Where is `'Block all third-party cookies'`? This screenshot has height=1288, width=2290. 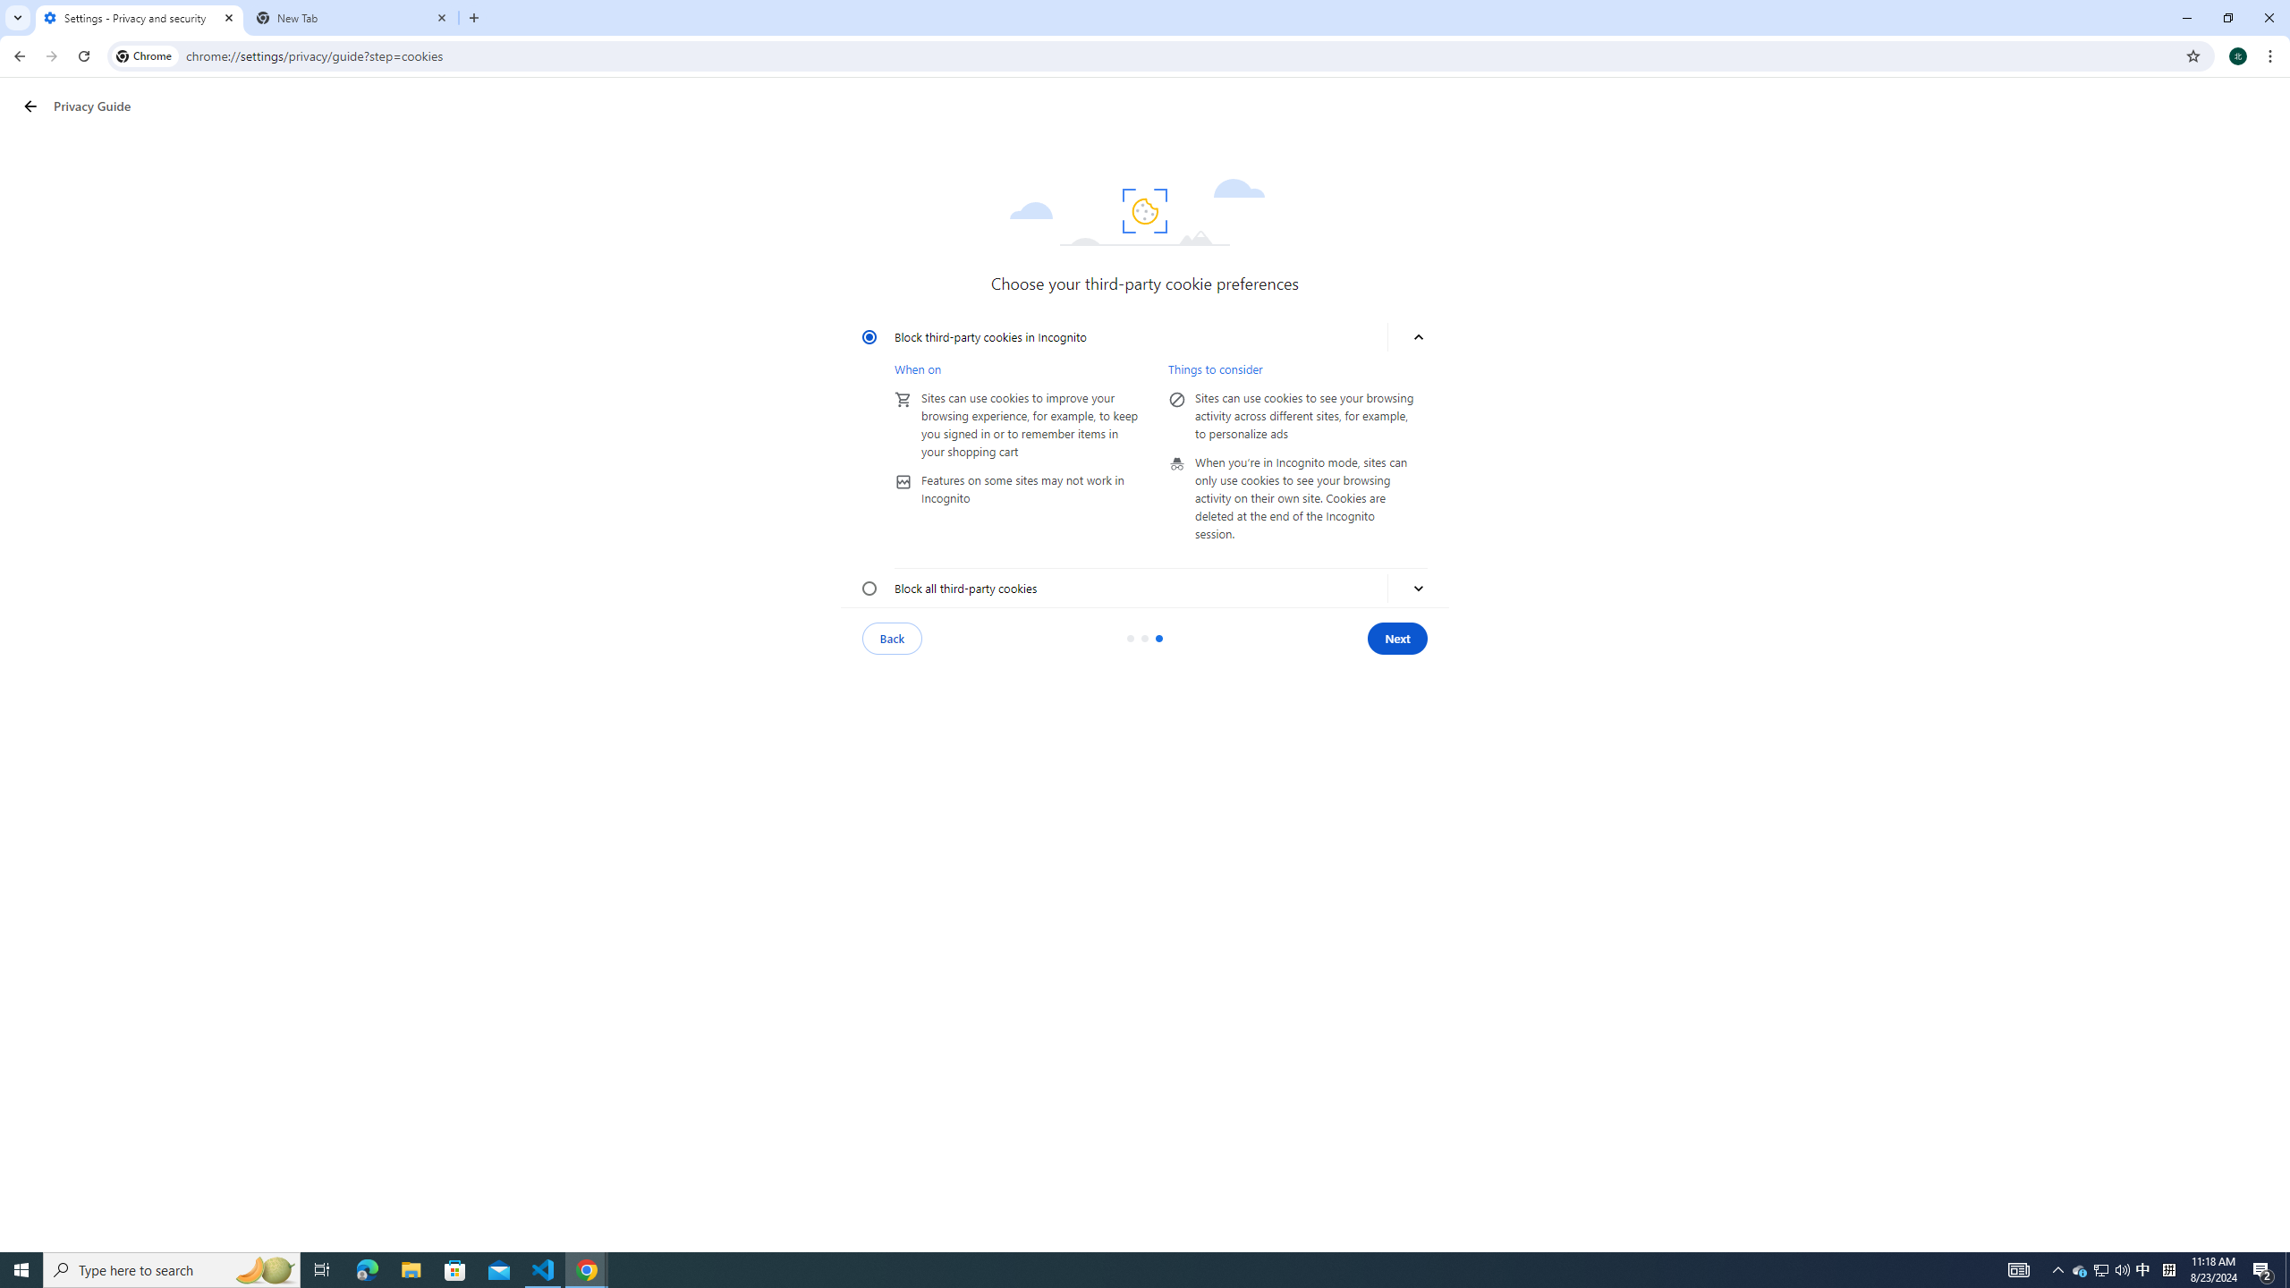 'Block all third-party cookies' is located at coordinates (869, 587).